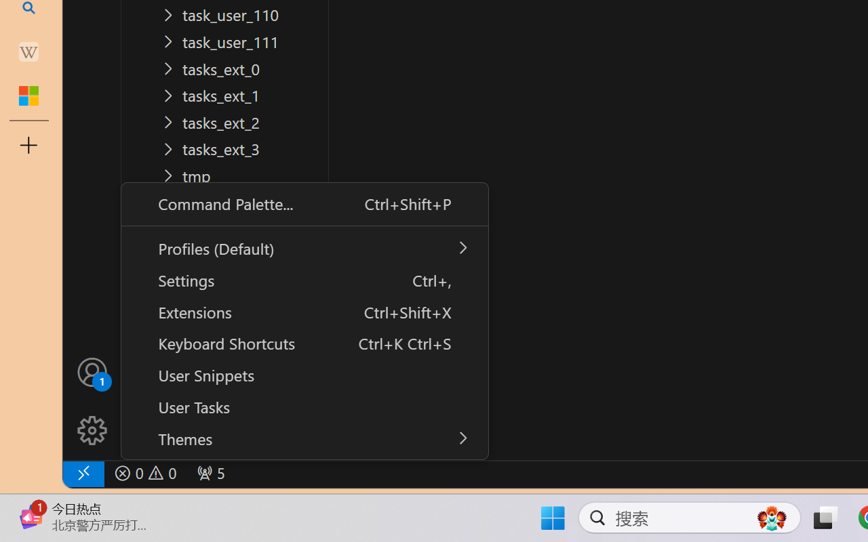 The image size is (868, 542). I want to click on 'remote', so click(82, 473).